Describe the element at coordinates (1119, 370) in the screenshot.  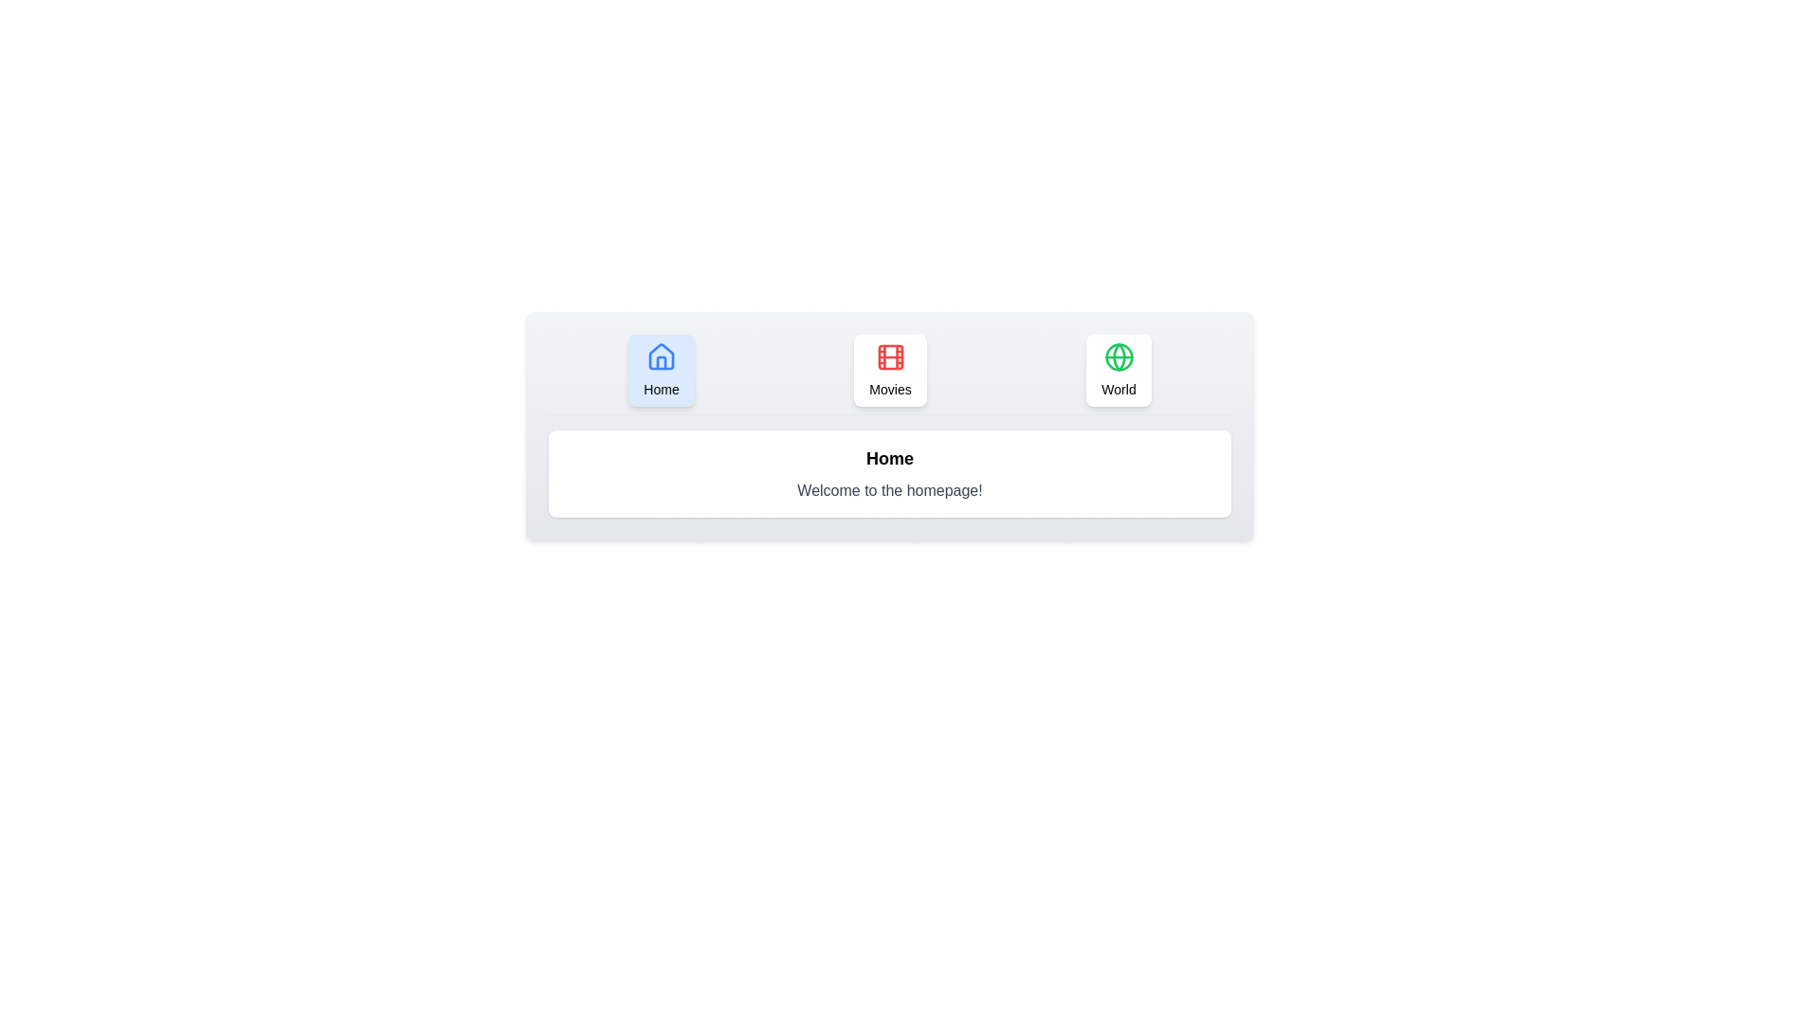
I see `the tab labeled World to view its content` at that location.